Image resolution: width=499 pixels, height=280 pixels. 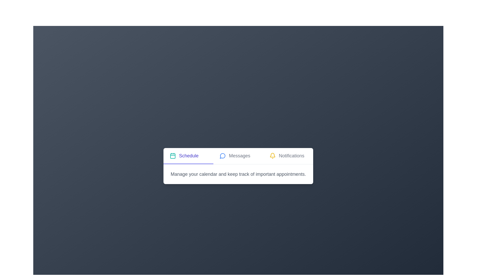 What do you see at coordinates (188, 156) in the screenshot?
I see `the Schedule tab` at bounding box center [188, 156].